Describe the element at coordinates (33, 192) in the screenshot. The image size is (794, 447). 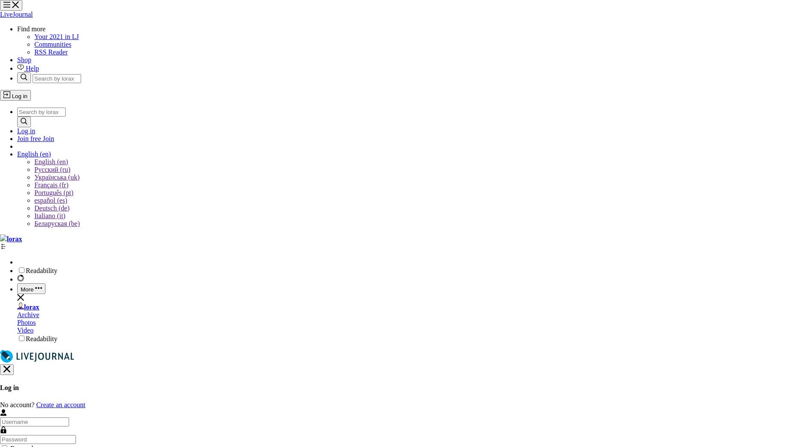
I see `'Português (pt)'` at that location.